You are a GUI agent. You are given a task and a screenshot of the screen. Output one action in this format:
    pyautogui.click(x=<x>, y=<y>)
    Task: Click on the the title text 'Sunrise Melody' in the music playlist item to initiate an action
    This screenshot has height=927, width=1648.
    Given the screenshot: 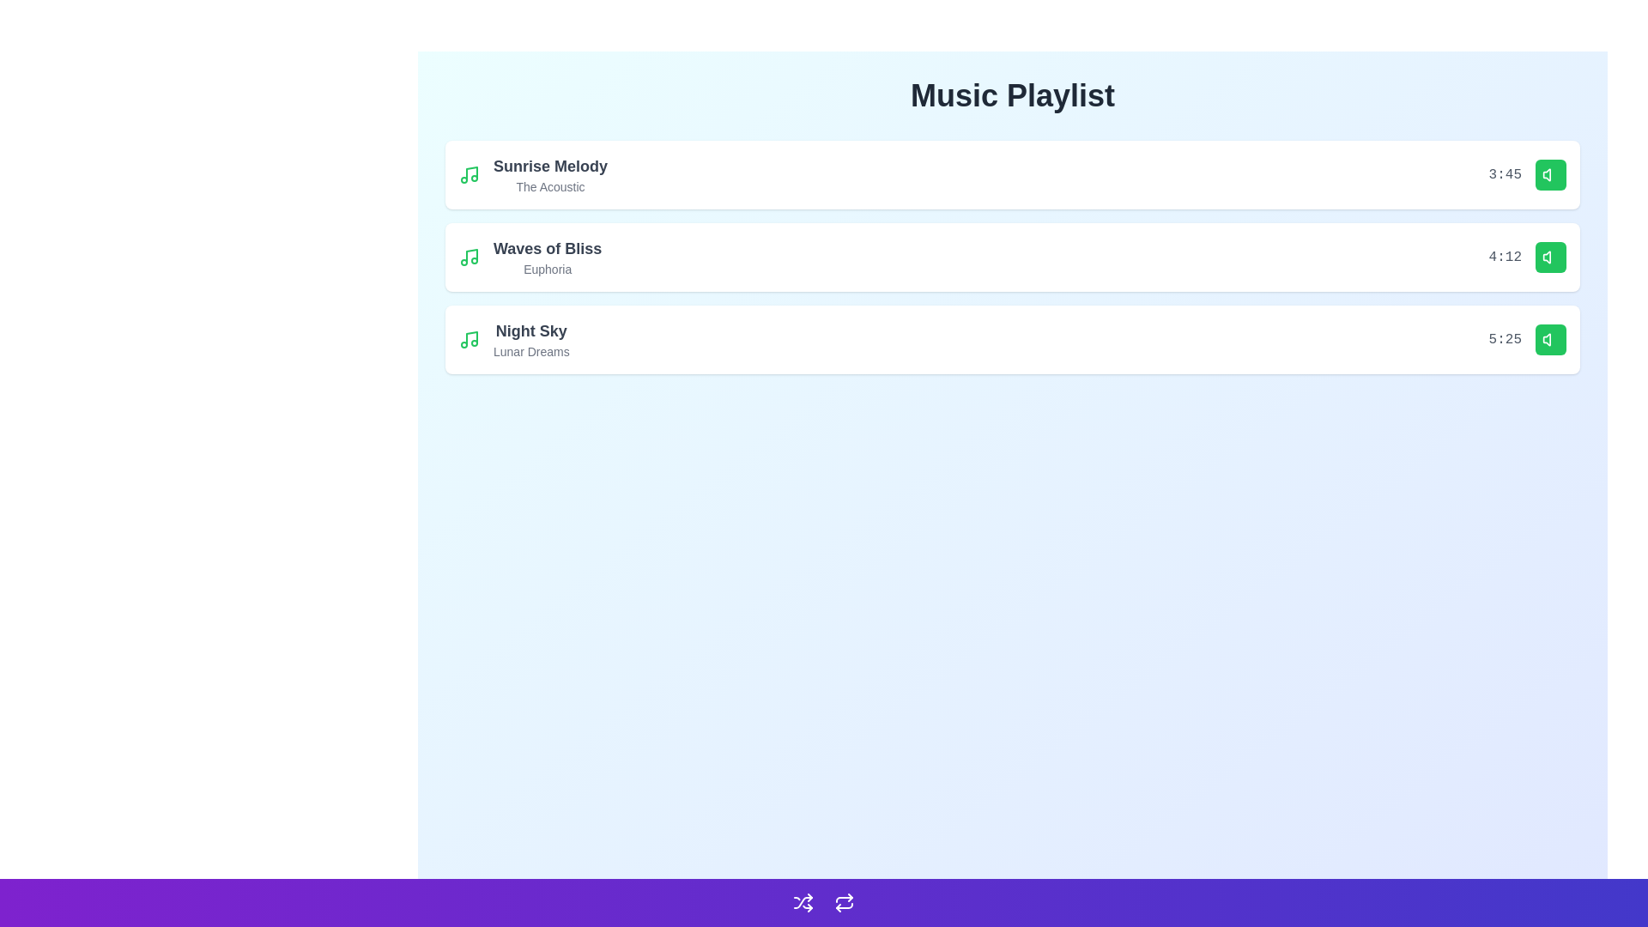 What is the action you would take?
    pyautogui.click(x=532, y=175)
    